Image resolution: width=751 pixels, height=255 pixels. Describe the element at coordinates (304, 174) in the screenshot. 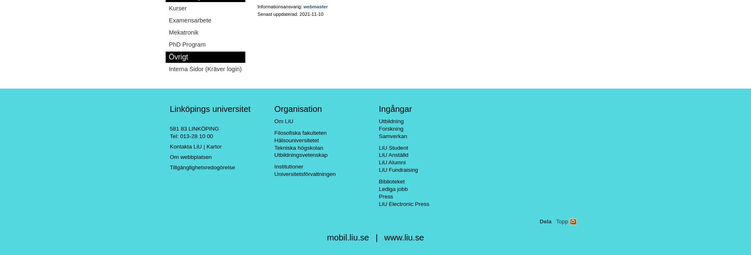

I see `'Universitetsförvaltningen'` at that location.